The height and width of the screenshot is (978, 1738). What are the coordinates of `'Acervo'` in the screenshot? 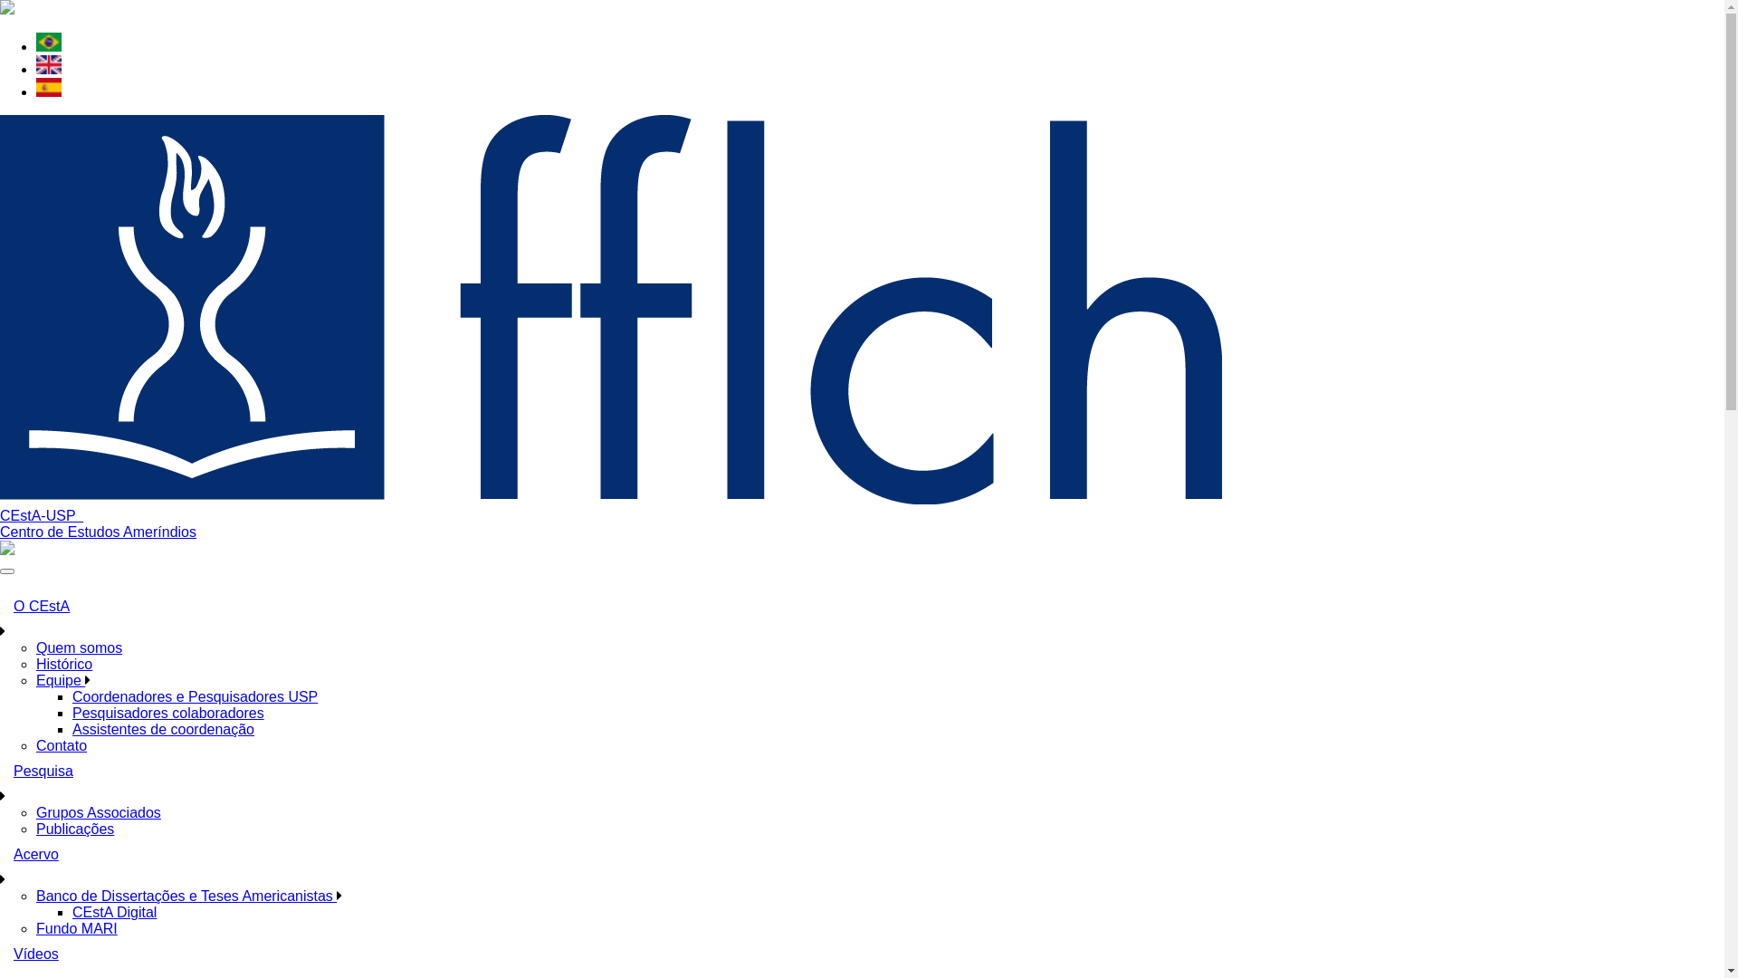 It's located at (861, 855).